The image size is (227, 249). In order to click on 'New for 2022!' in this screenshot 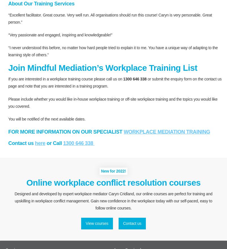, I will do `click(101, 171)`.